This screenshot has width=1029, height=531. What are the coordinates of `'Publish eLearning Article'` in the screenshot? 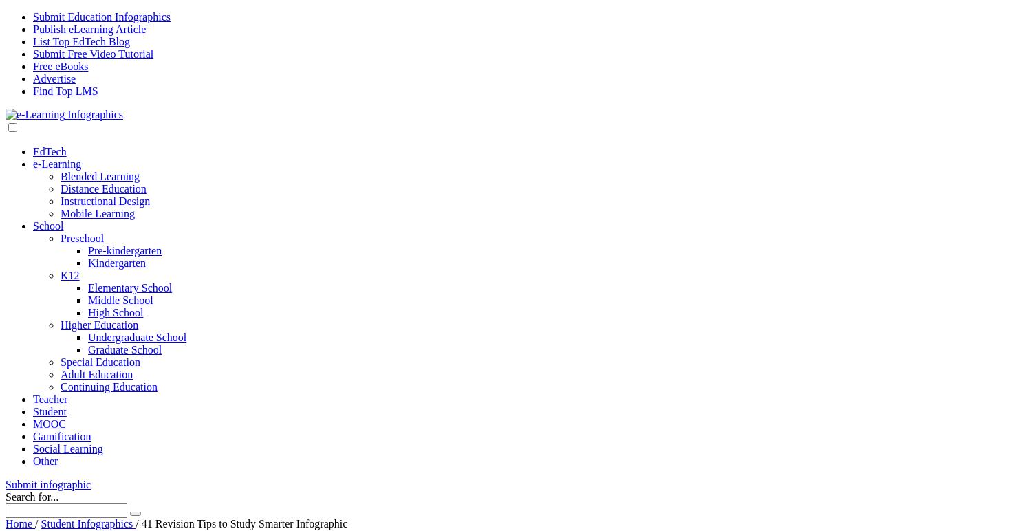 It's located at (89, 28).